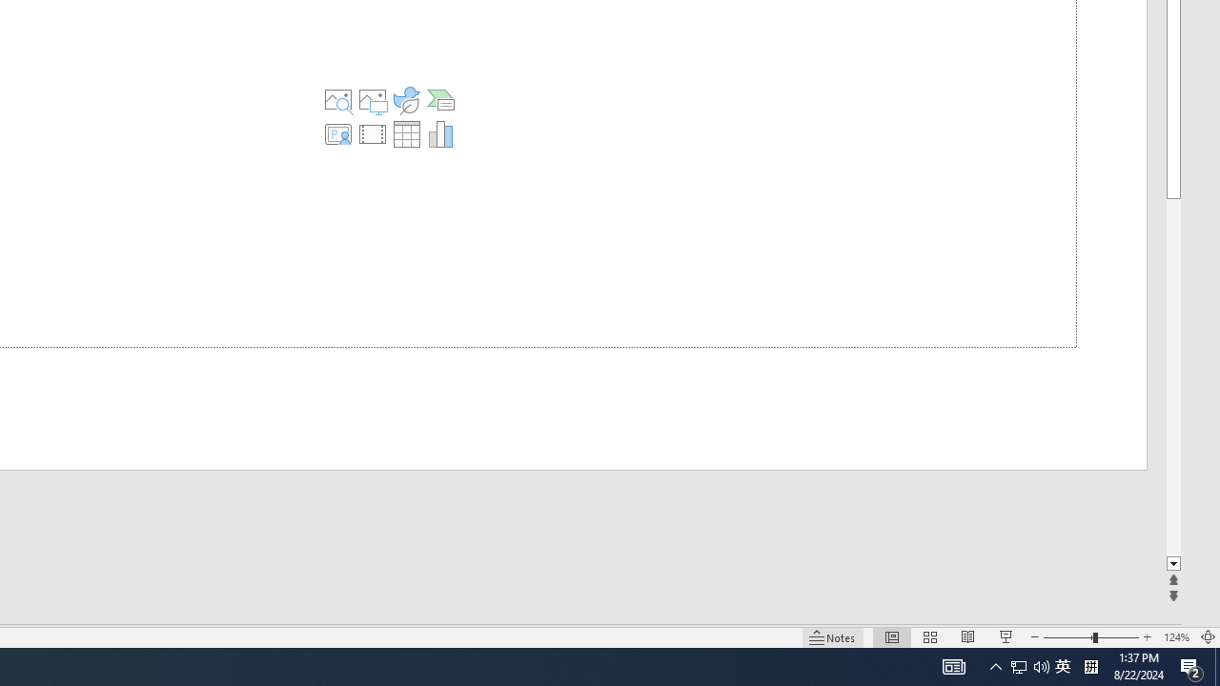 The width and height of the screenshot is (1220, 686). I want to click on 'Insert Cameo', so click(338, 133).